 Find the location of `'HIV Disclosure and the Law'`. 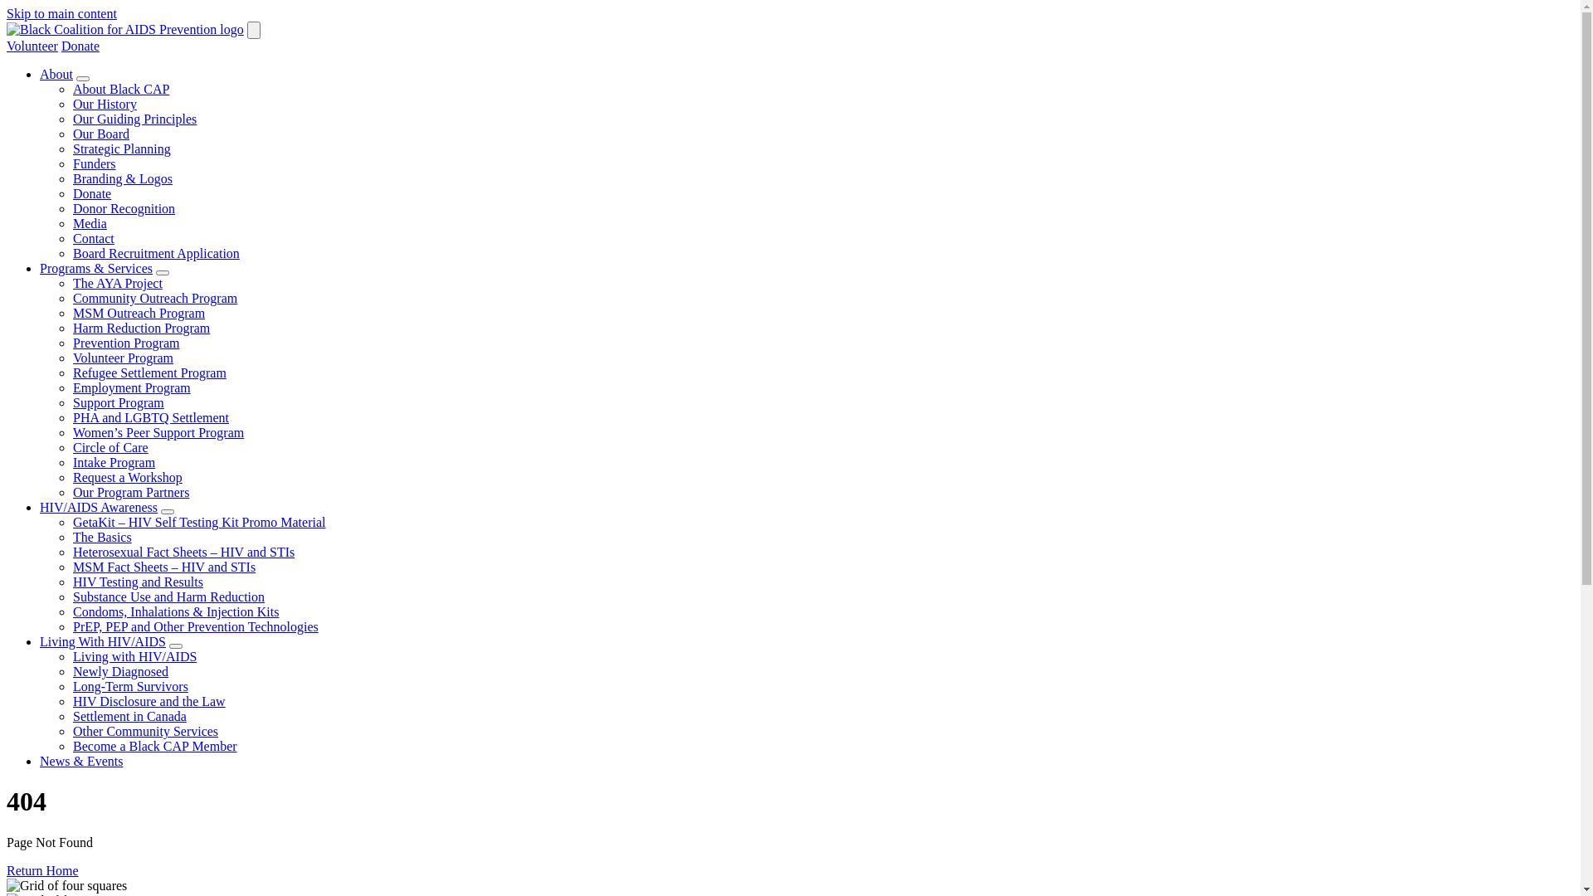

'HIV Disclosure and the Law' is located at coordinates (149, 701).